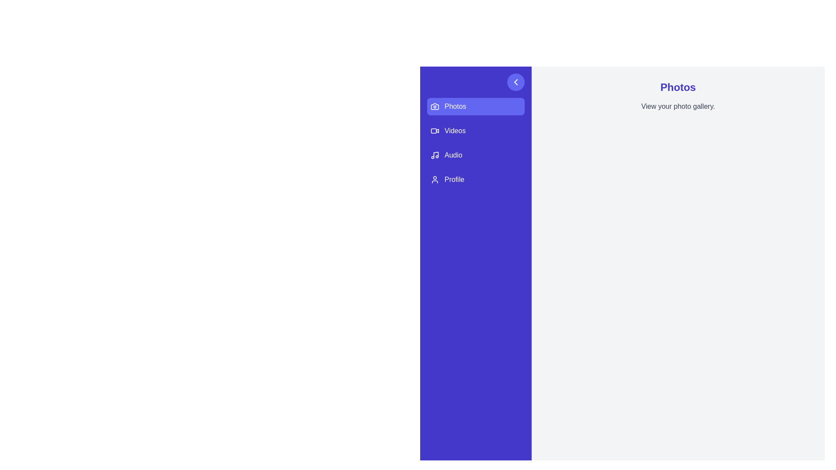 The height and width of the screenshot is (470, 836). Describe the element at coordinates (678, 87) in the screenshot. I see `the Static text header that indicates the purpose of accessing the photo gallery, which is centrally aligned above the descriptive text line 'View your photo gallery.'` at that location.